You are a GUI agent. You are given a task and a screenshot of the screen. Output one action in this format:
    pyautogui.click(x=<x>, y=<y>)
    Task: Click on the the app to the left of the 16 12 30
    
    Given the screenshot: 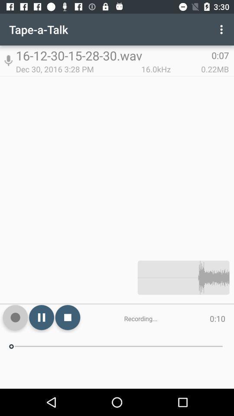 What is the action you would take?
    pyautogui.click(x=8, y=60)
    